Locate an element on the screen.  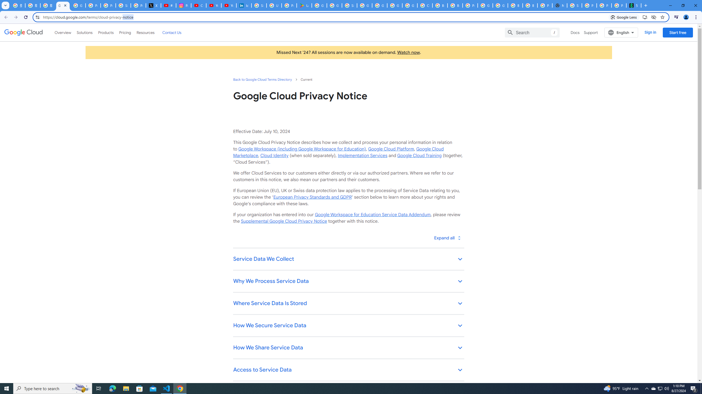
'Docs' is located at coordinates (575, 32).